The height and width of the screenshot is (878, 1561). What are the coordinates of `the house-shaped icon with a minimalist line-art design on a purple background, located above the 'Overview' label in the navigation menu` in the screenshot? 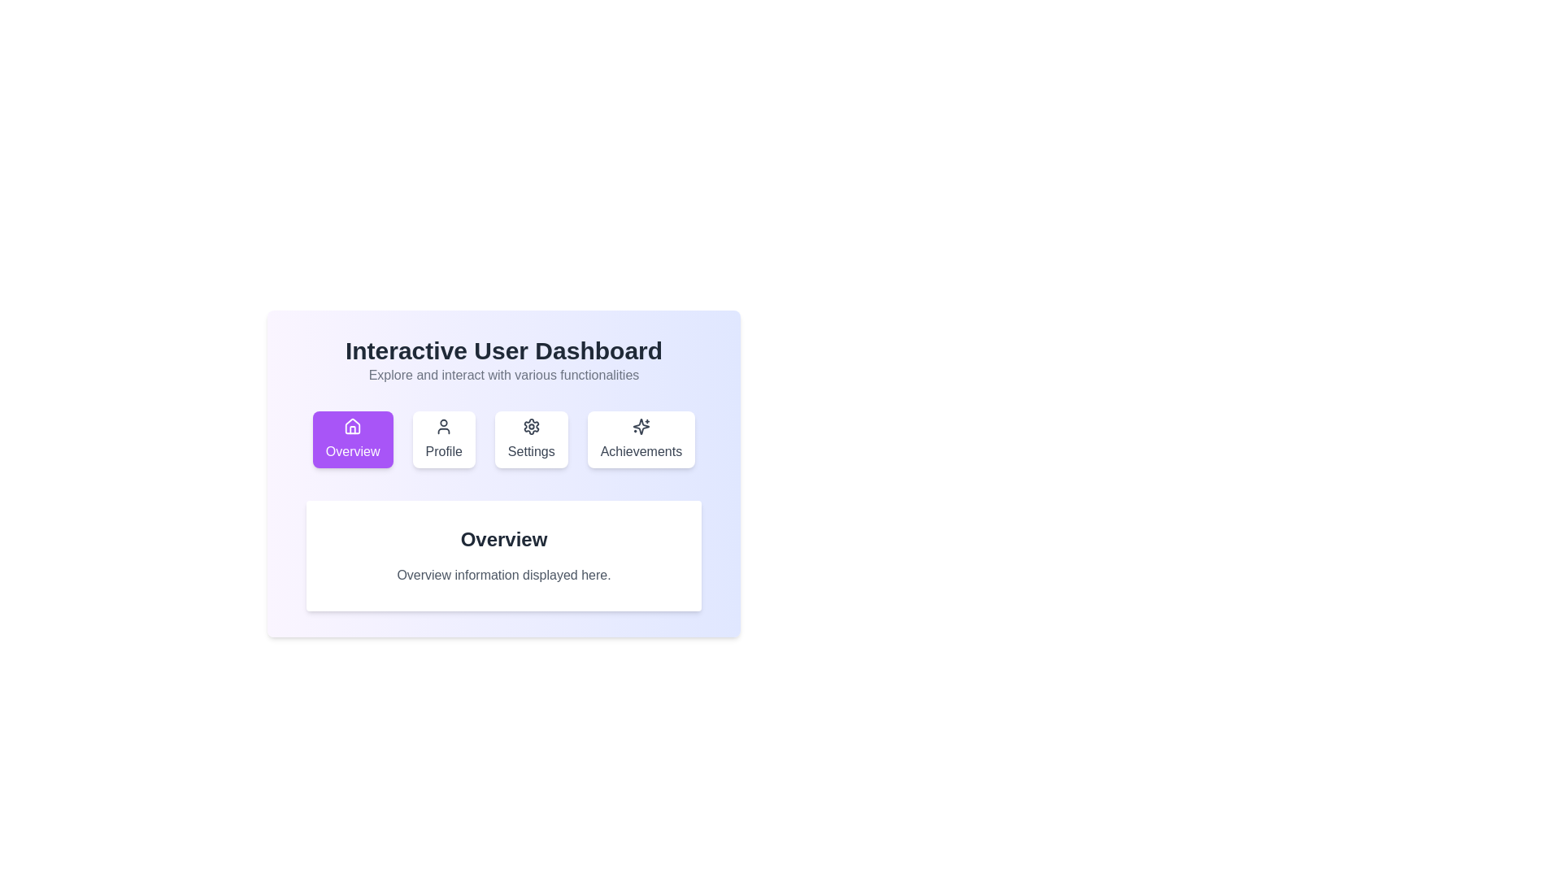 It's located at (352, 425).